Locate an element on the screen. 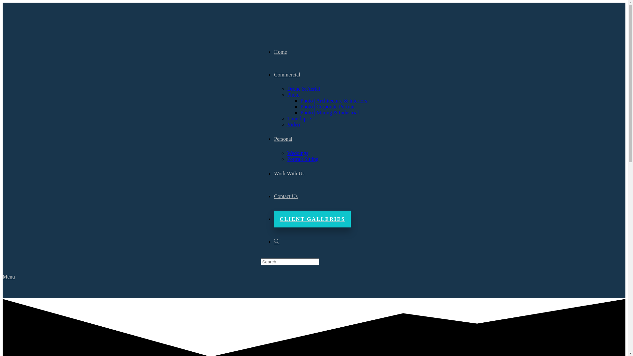 This screenshot has height=356, width=633. 'Video' is located at coordinates (293, 124).